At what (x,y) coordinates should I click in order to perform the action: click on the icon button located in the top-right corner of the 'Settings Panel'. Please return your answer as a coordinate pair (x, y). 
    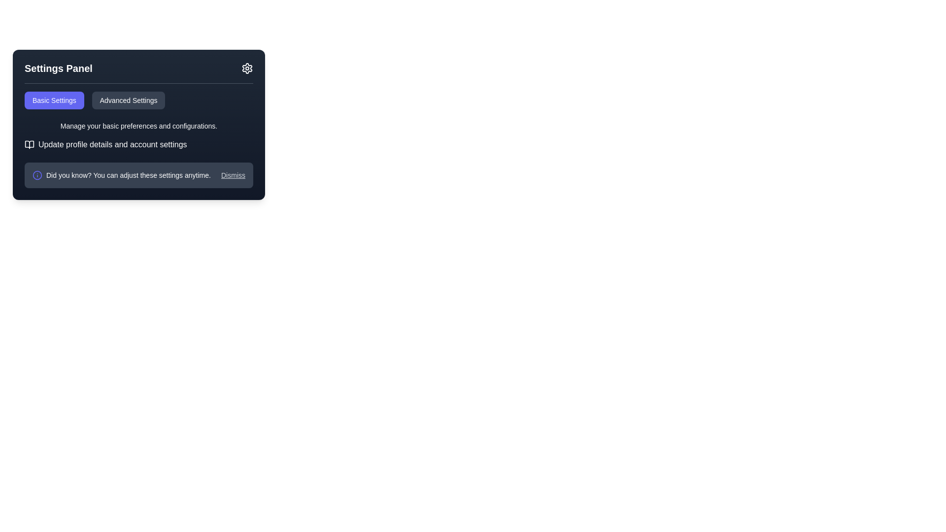
    Looking at the image, I should click on (247, 67).